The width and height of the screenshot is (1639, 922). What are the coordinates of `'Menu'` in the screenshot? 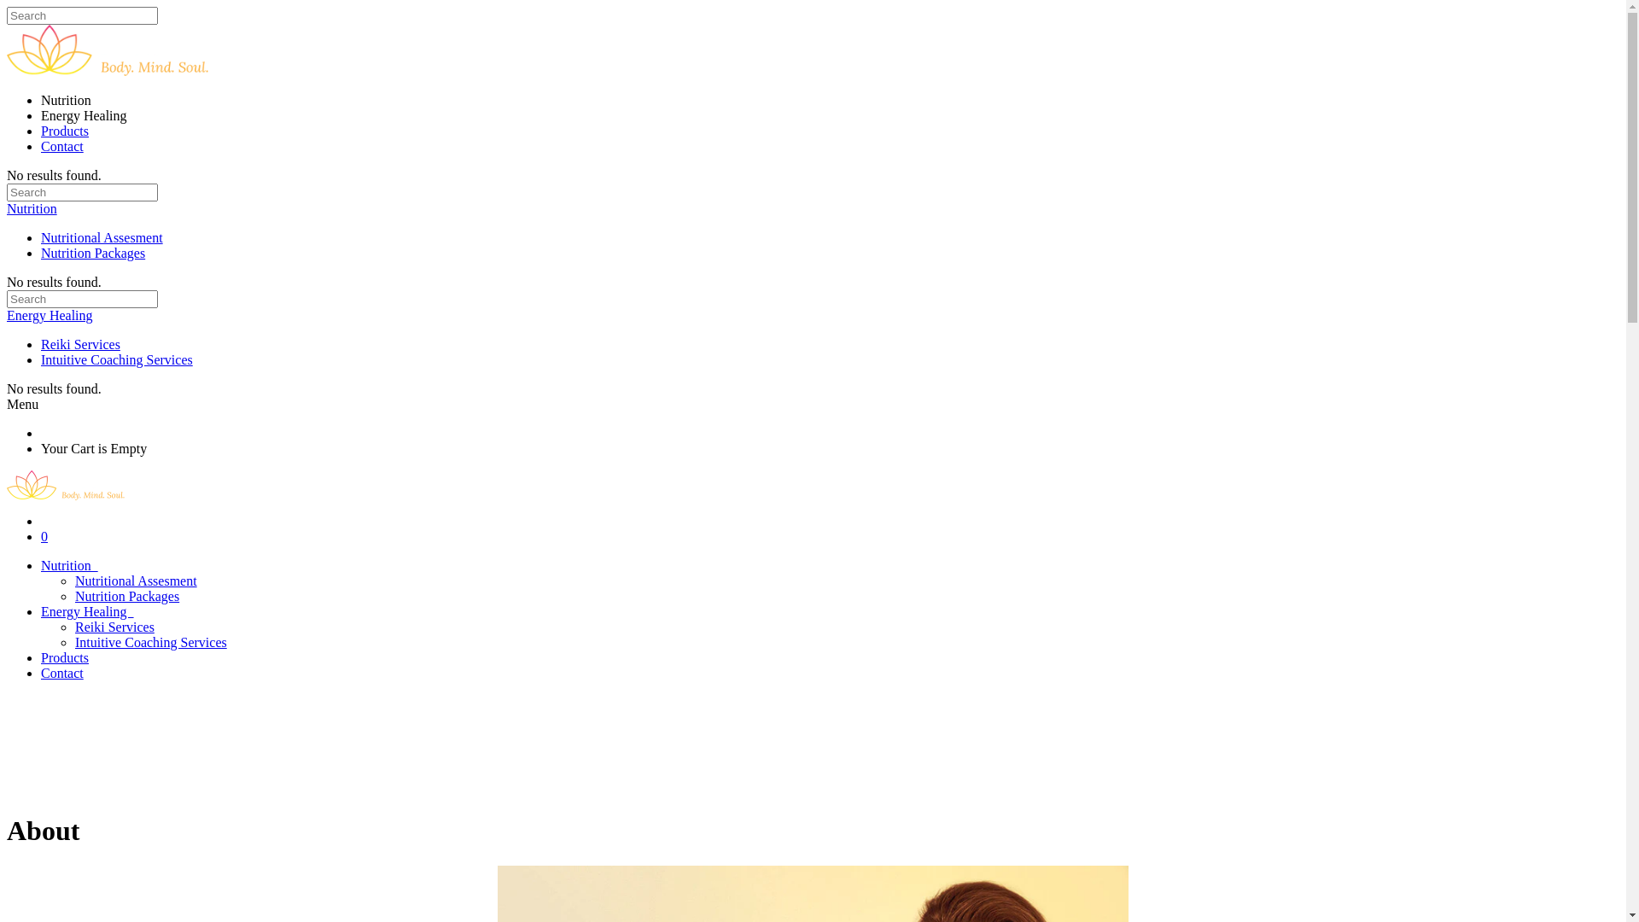 It's located at (22, 404).